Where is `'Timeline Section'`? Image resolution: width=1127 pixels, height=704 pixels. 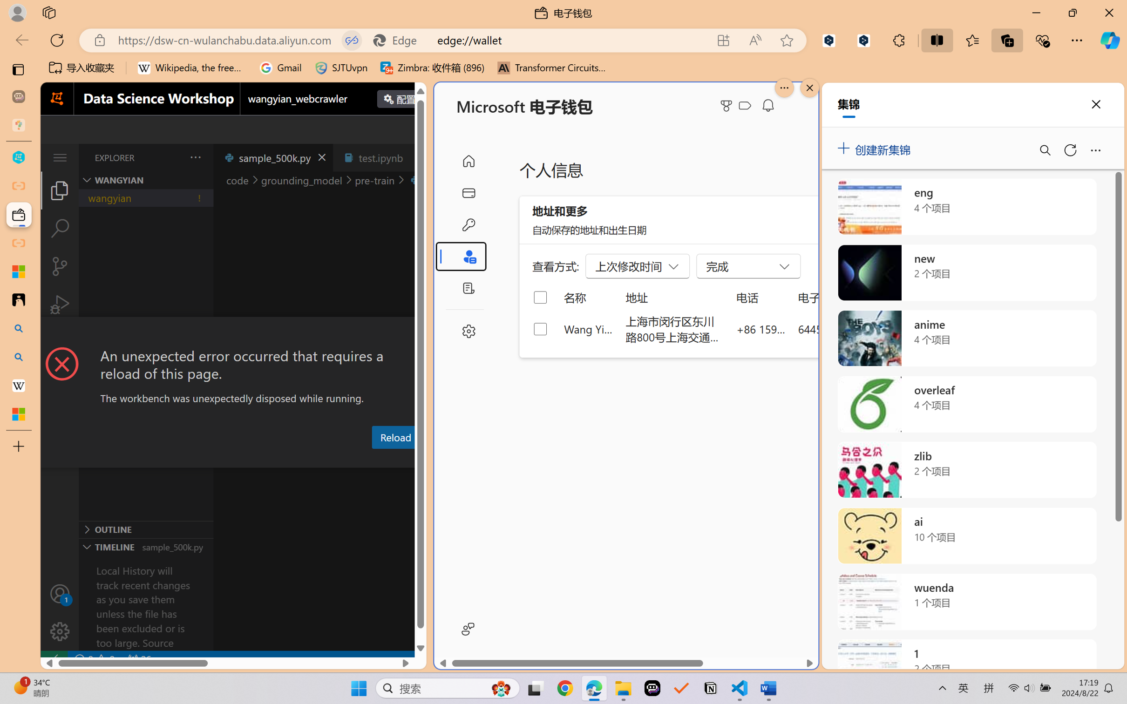 'Timeline Section' is located at coordinates (146, 547).